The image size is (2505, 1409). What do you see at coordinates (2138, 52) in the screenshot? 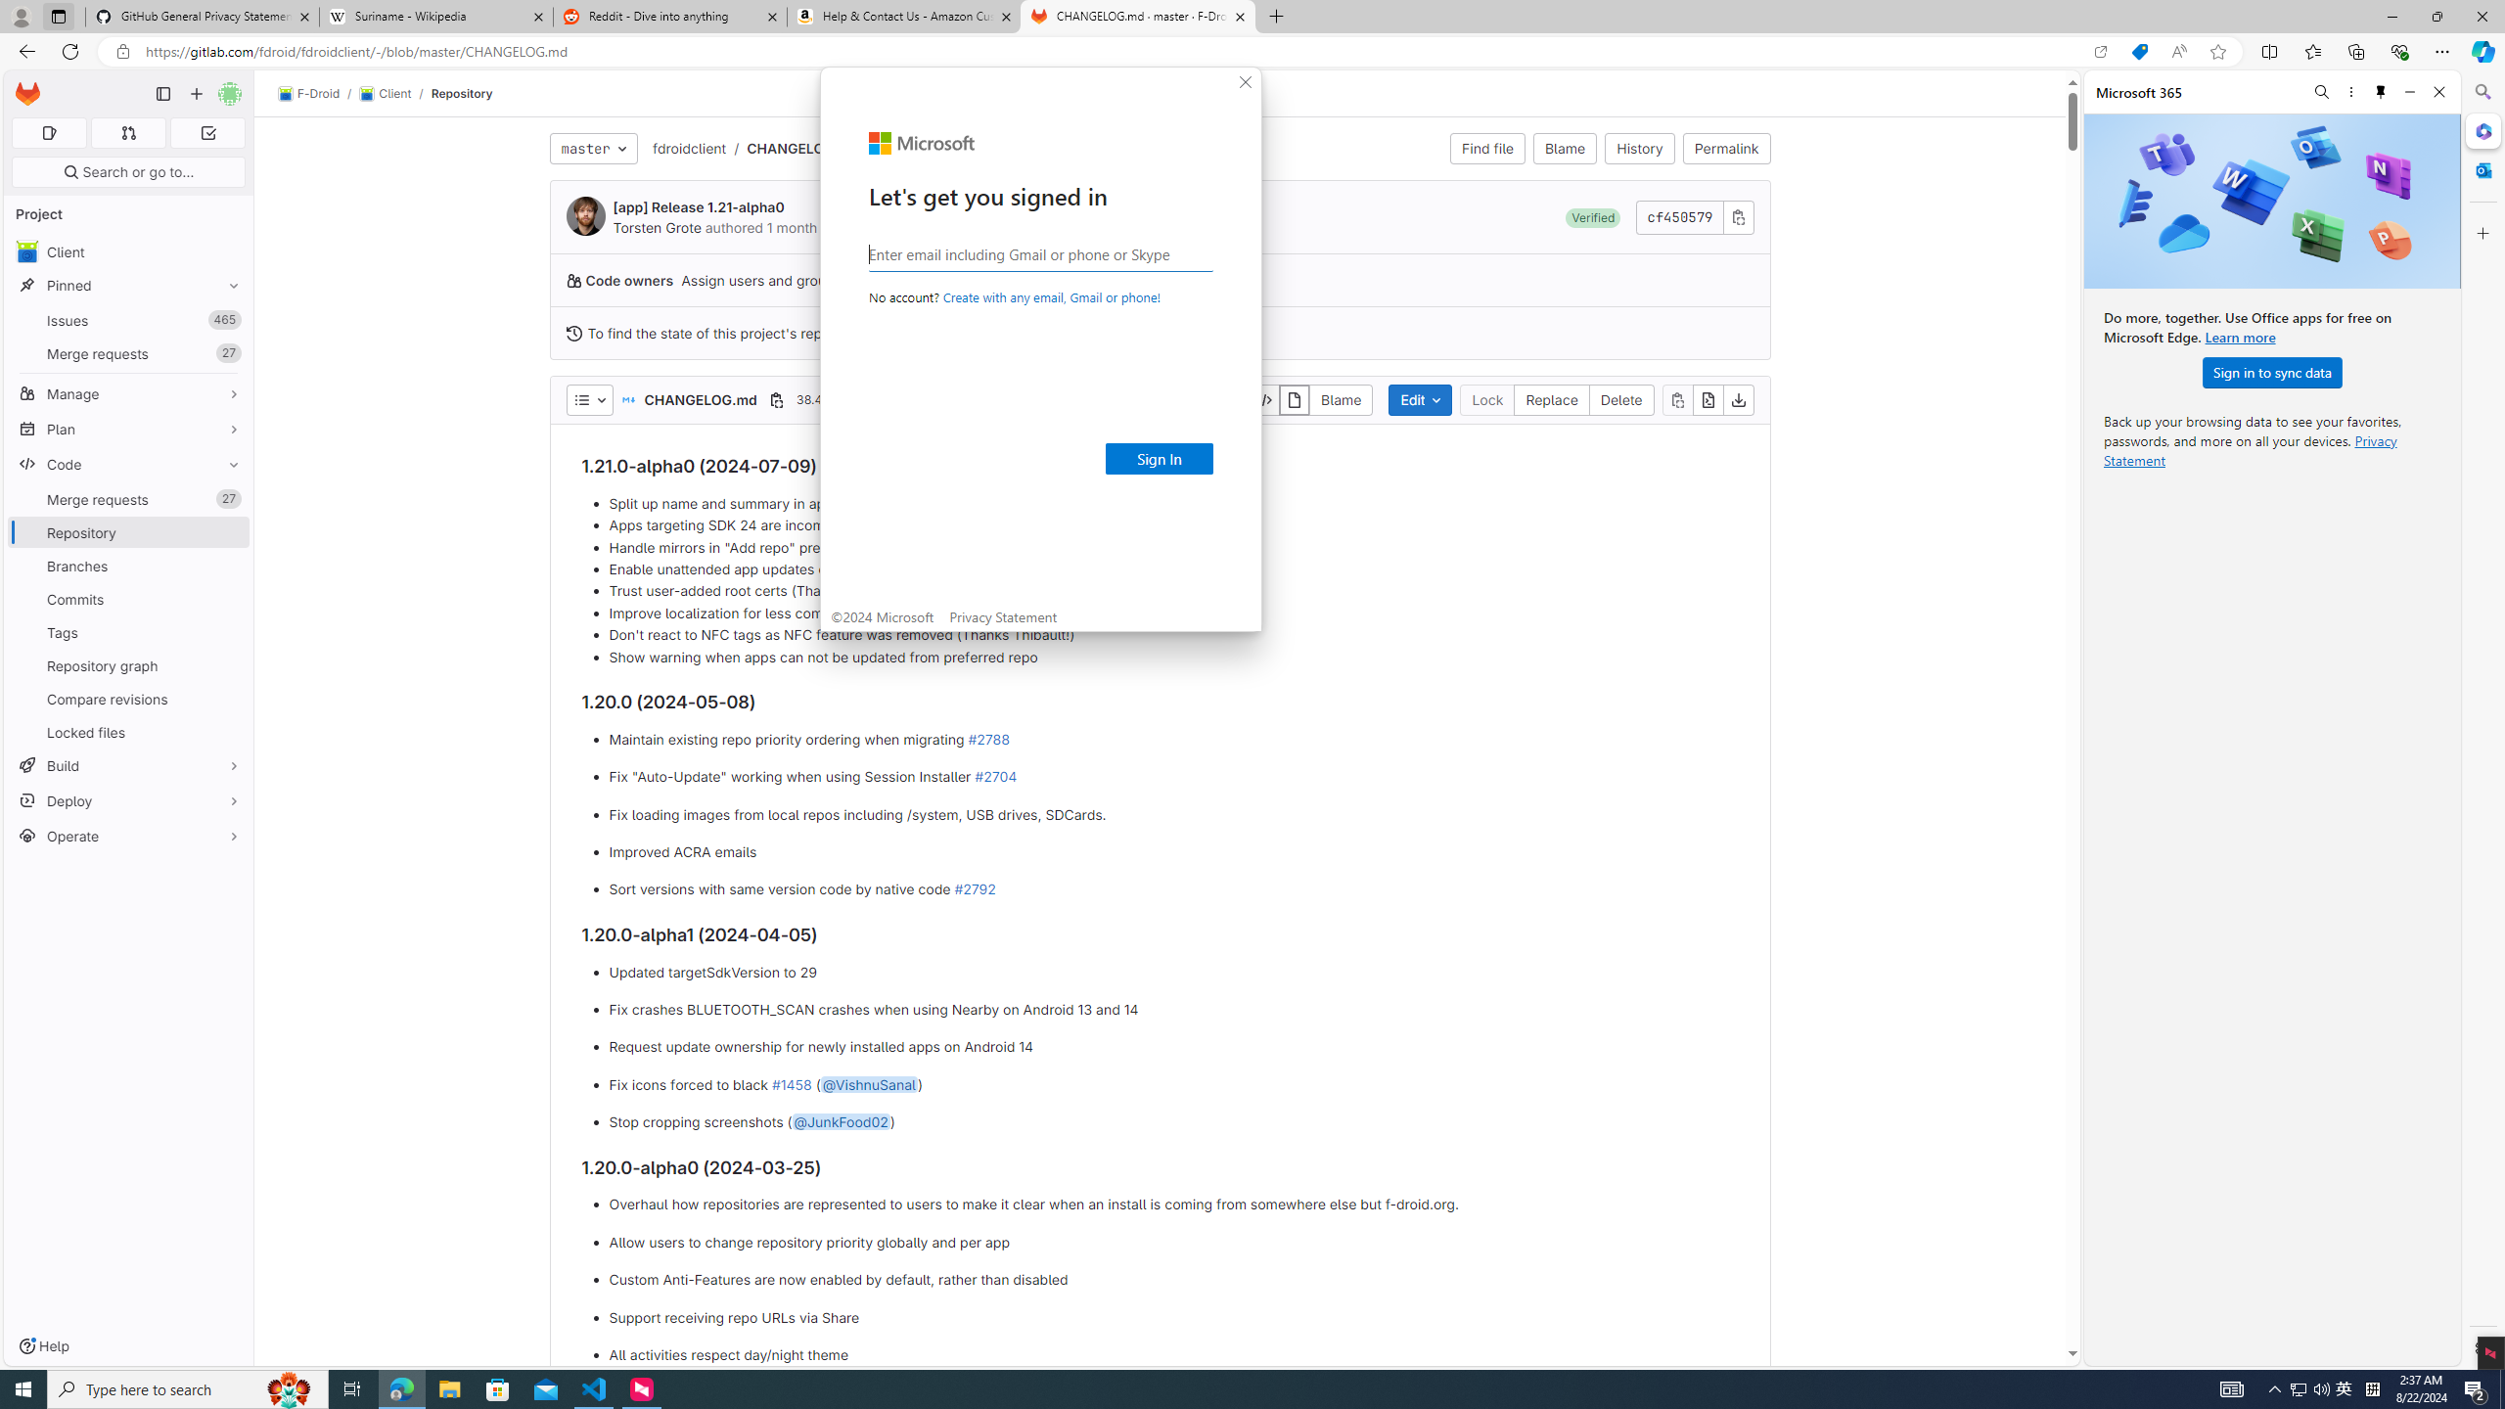
I see `'Shopping in Microsoft Edge'` at bounding box center [2138, 52].